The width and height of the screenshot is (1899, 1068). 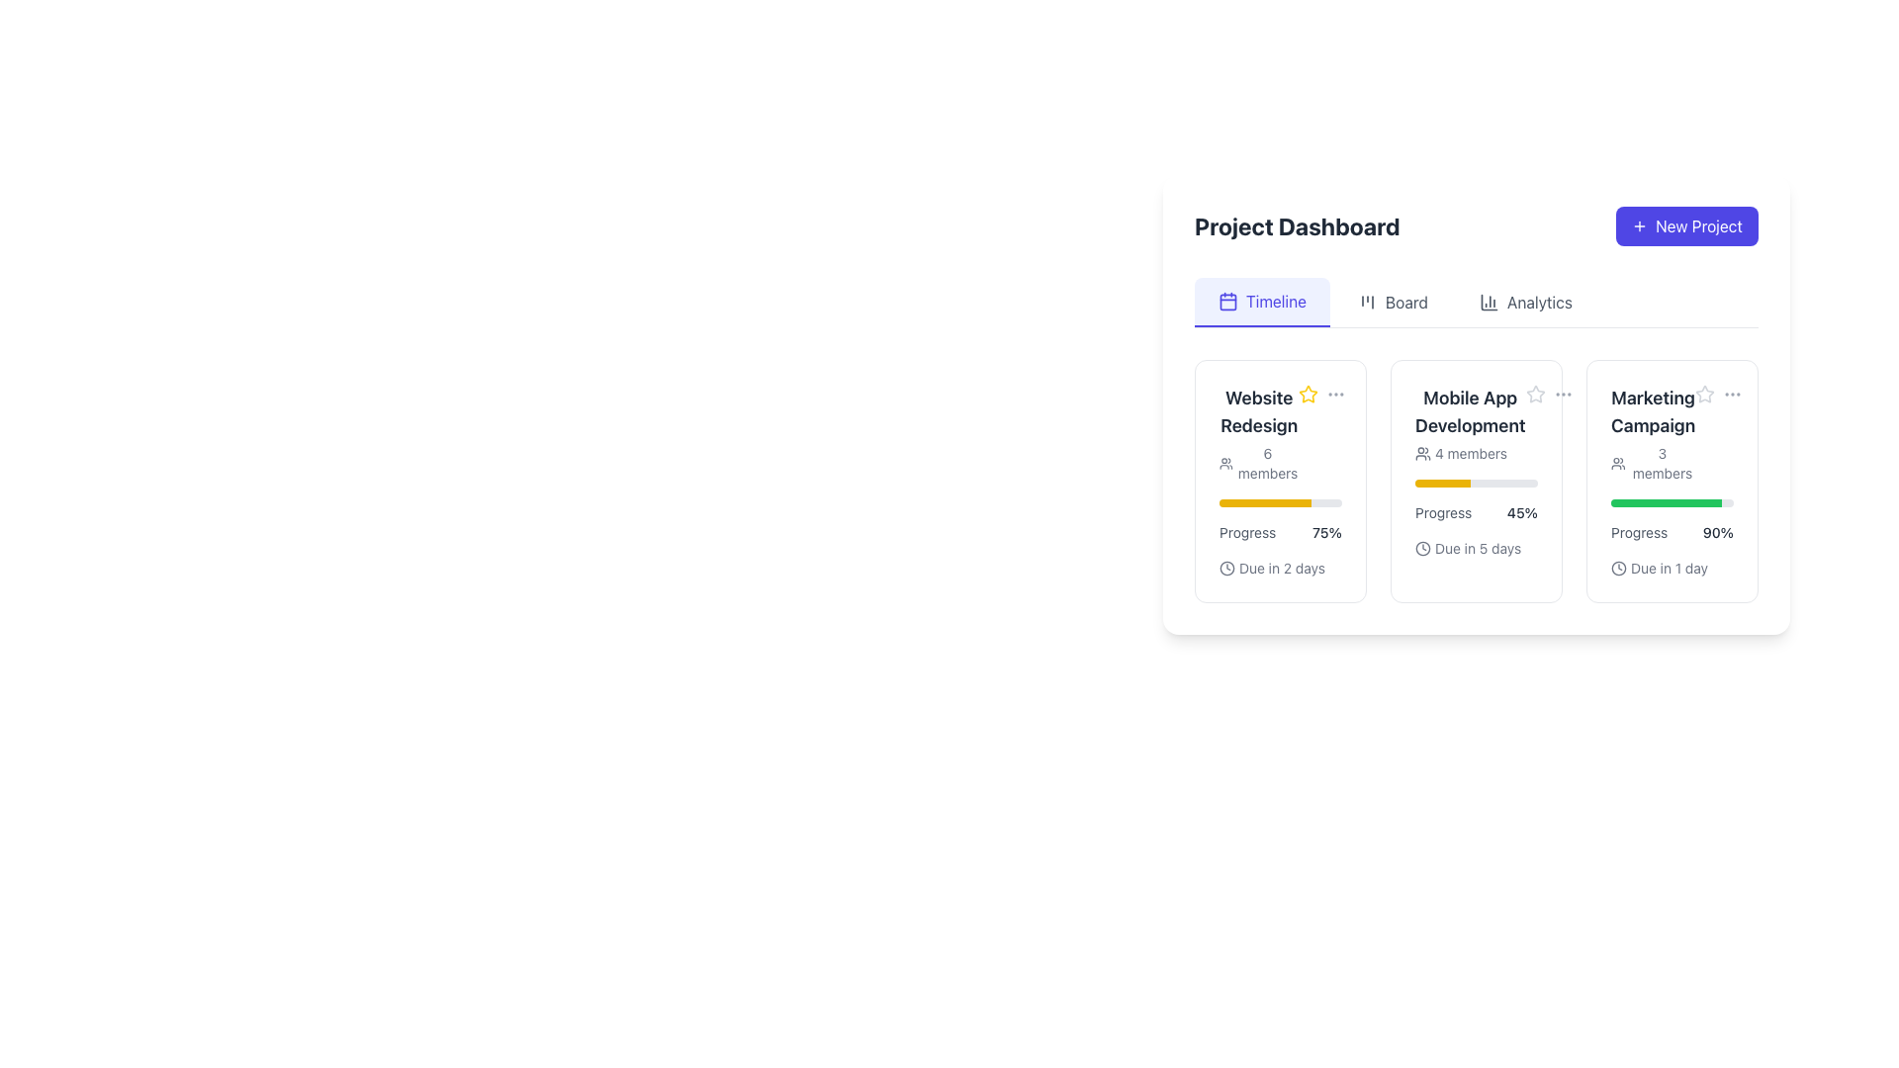 What do you see at coordinates (1327, 532) in the screenshot?
I see `the Text Label that indicates the progress percentage for the 'Website Redesign' task, located next to the yellow progress bar under the label 'Progress'` at bounding box center [1327, 532].